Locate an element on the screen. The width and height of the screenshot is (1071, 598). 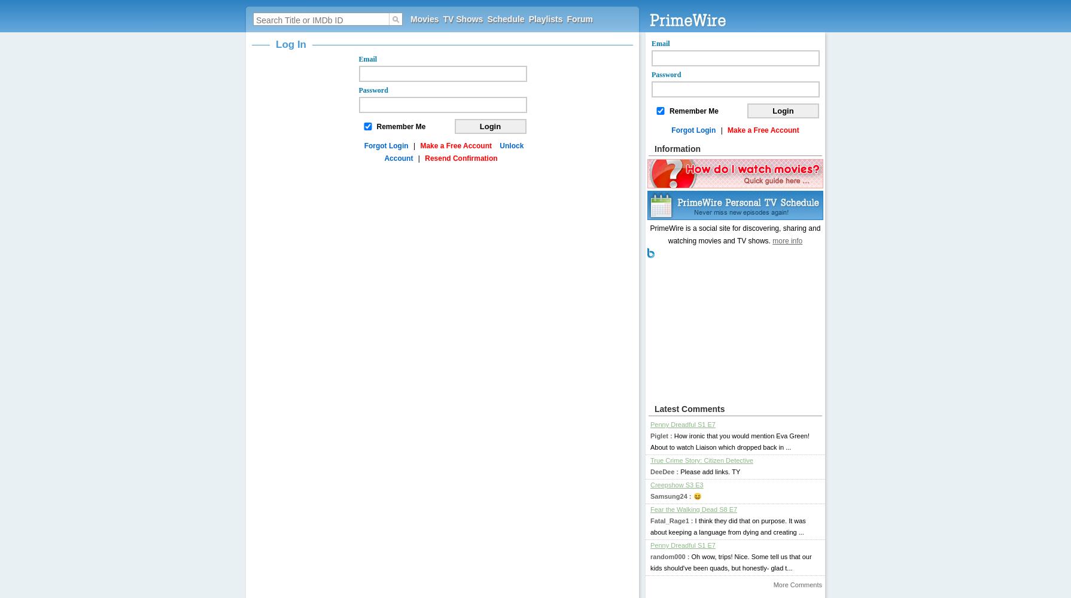
'True Crime Story: Citizen Detective' is located at coordinates (701, 460).